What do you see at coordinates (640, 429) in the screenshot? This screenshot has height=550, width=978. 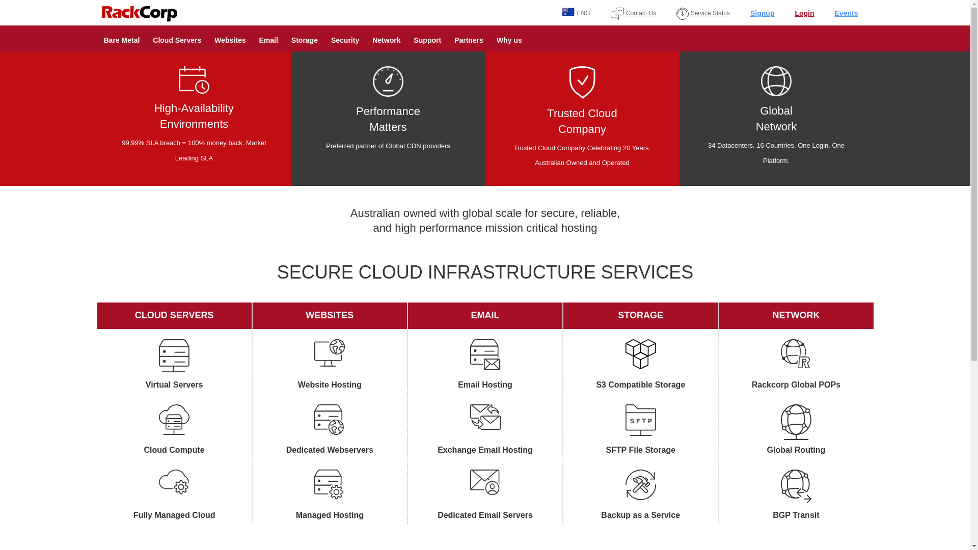 I see `'SFTP File Storage'` at bounding box center [640, 429].